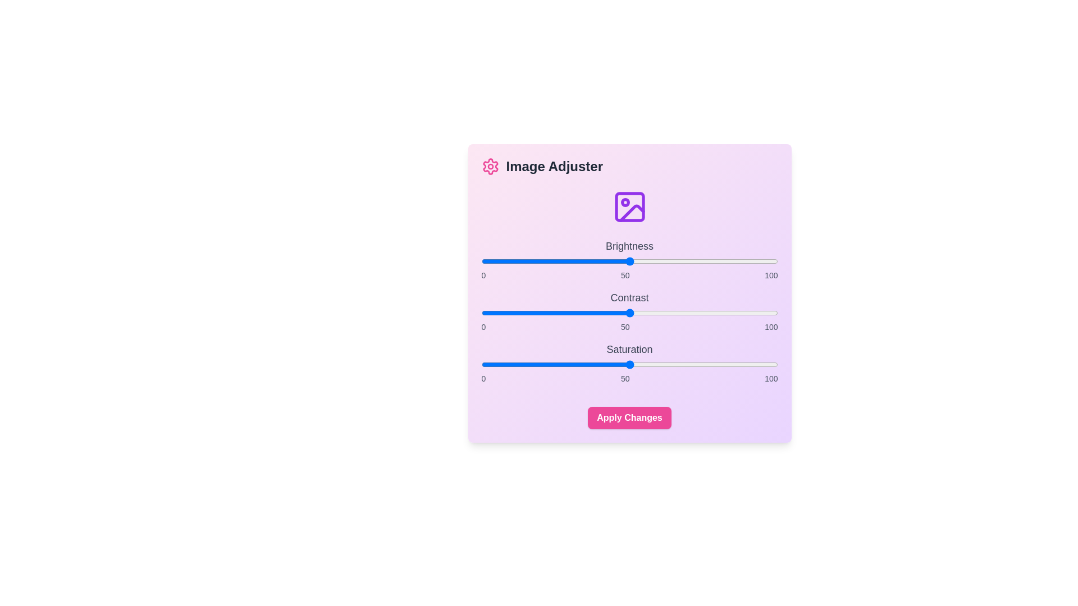  What do you see at coordinates (694, 313) in the screenshot?
I see `the contrast slider to 72 percent` at bounding box center [694, 313].